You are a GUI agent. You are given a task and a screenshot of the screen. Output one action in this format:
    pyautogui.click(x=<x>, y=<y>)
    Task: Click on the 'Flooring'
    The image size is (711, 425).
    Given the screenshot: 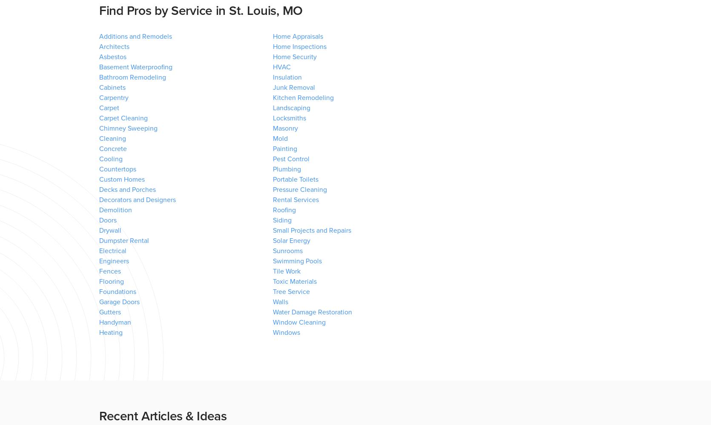 What is the action you would take?
    pyautogui.click(x=111, y=281)
    